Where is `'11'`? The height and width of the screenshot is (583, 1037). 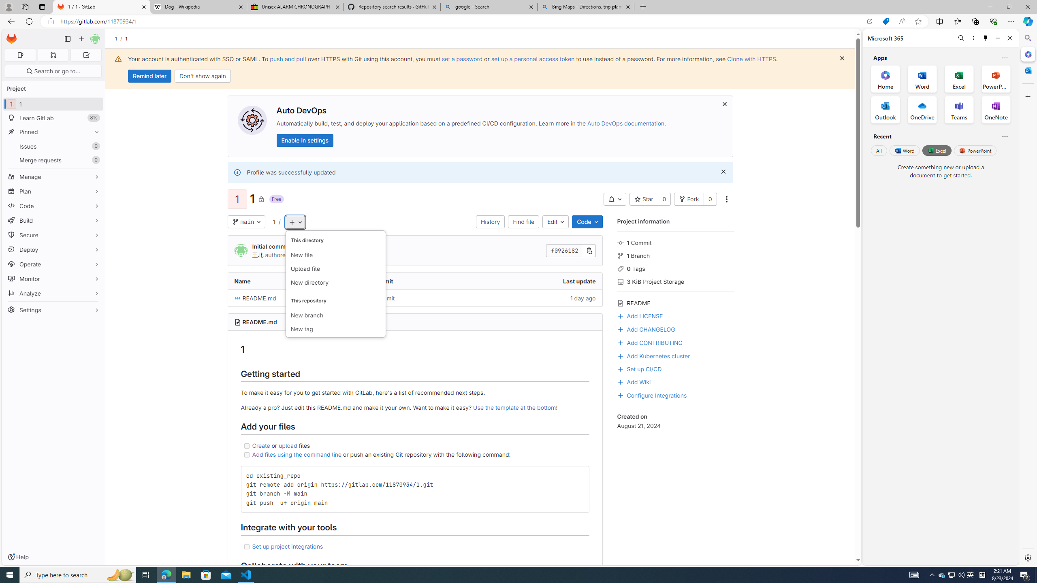 '11' is located at coordinates (53, 104).